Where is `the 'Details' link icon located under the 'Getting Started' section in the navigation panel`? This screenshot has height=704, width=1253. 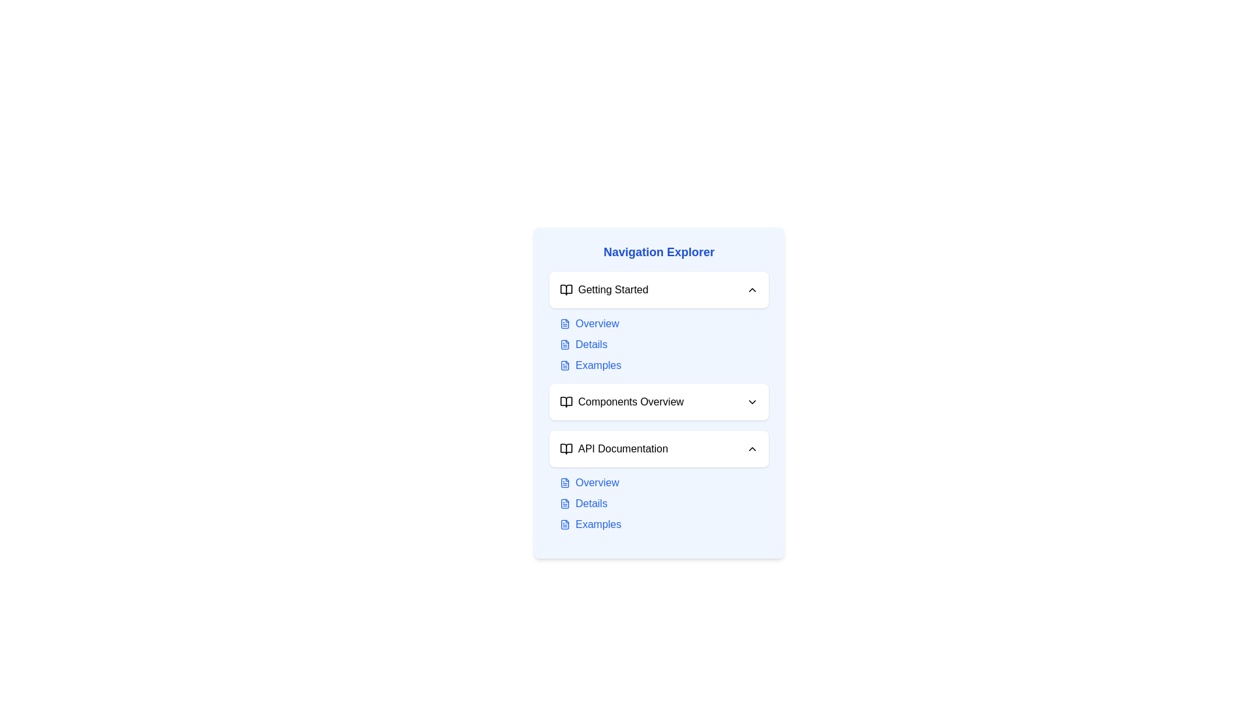
the 'Details' link icon located under the 'Getting Started' section in the navigation panel is located at coordinates (565, 344).